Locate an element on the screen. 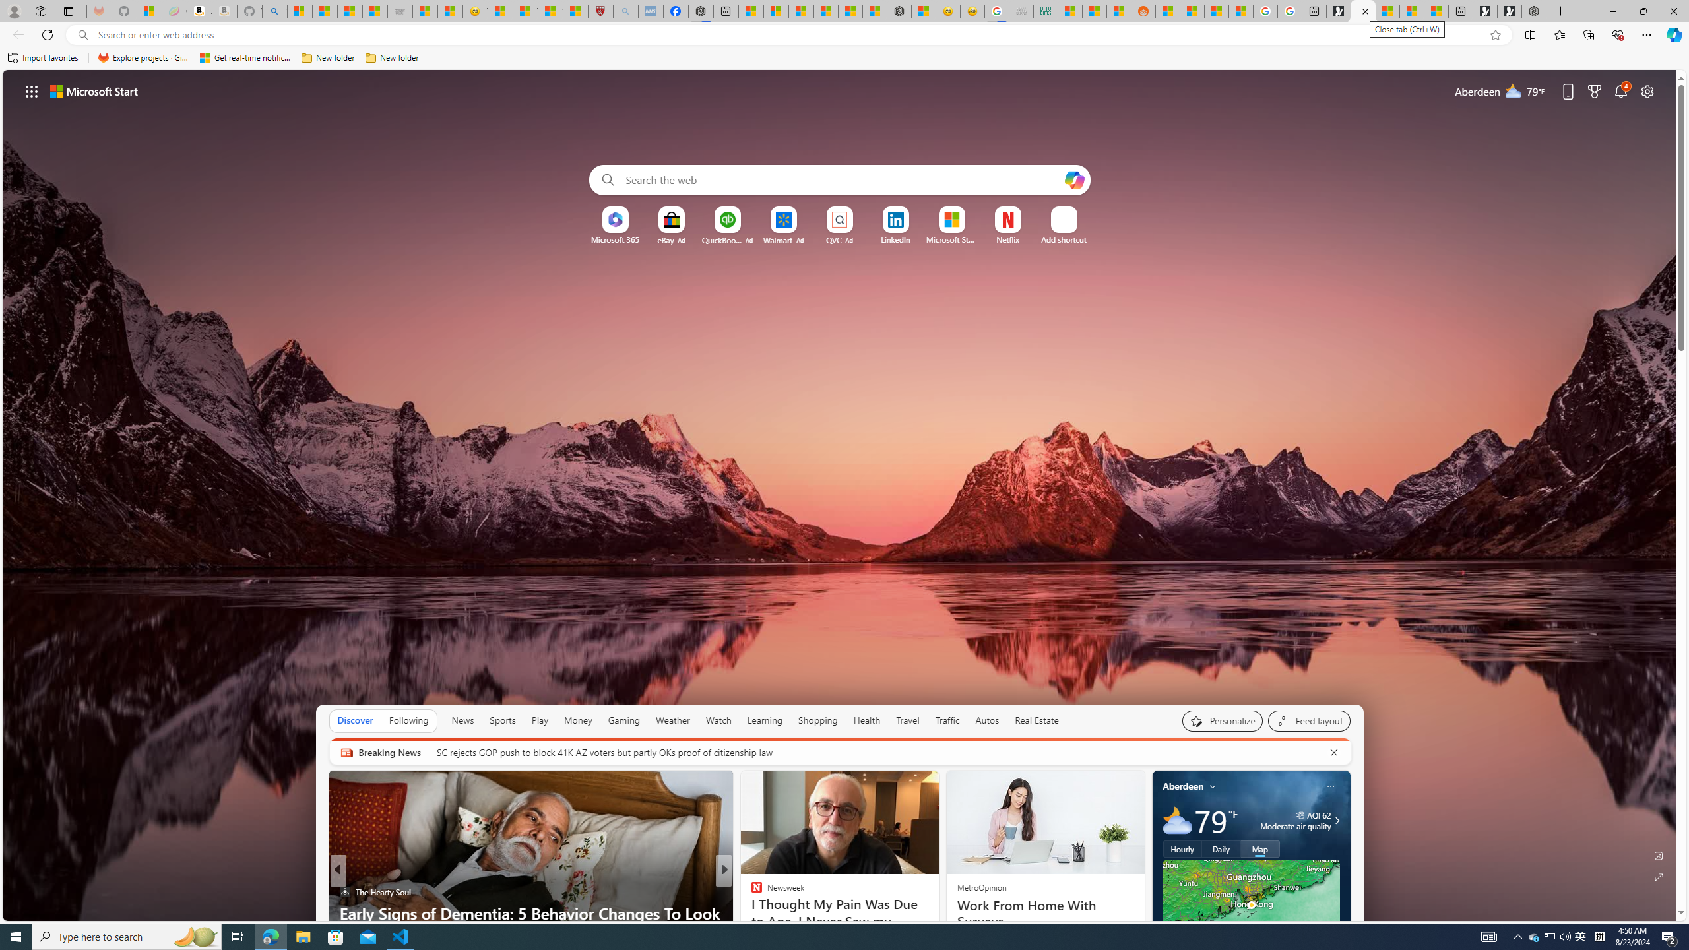 This screenshot has width=1689, height=950. 'Autos' is located at coordinates (987, 720).